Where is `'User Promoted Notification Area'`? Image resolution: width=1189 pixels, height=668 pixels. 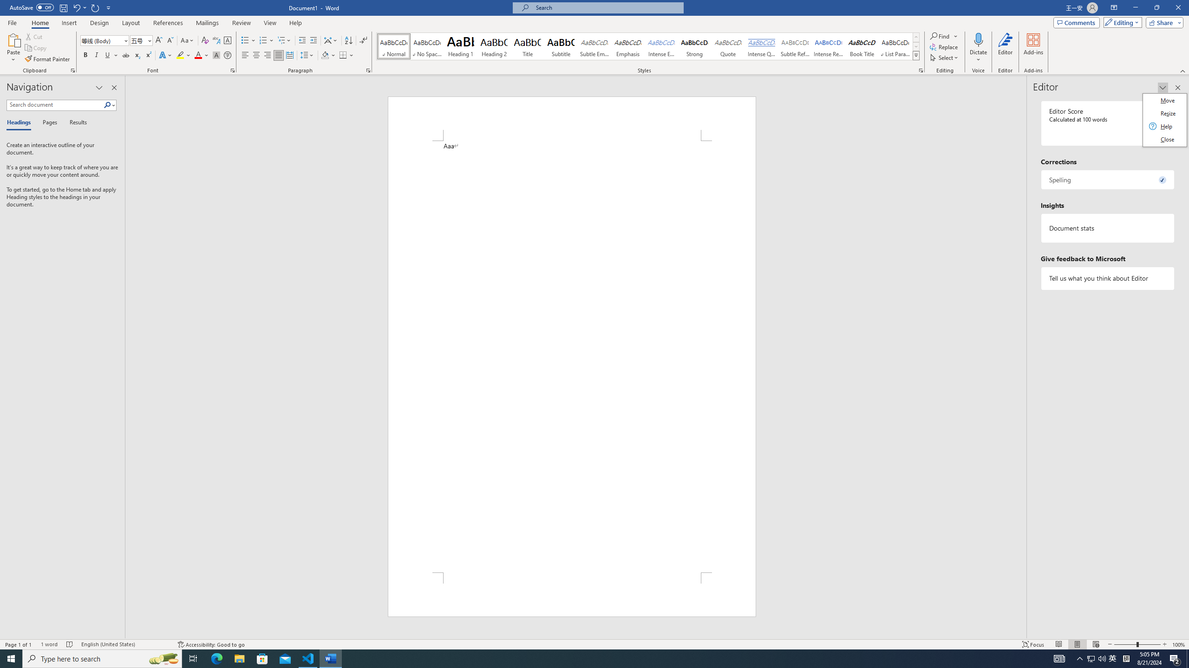 'User Promoted Notification Area' is located at coordinates (1096, 658).